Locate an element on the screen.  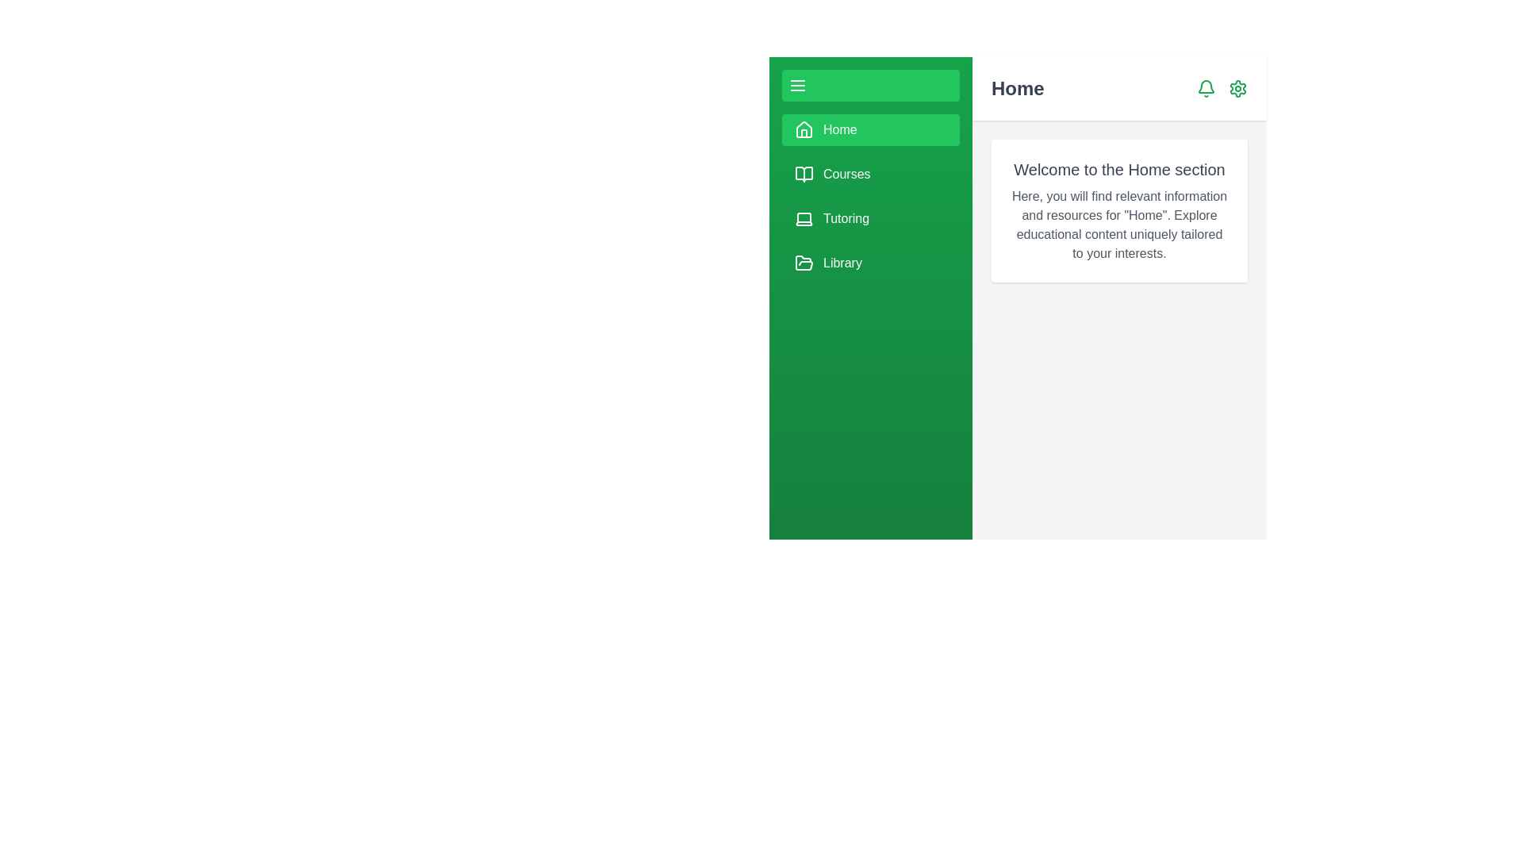
the 'Tutoring' icon in the side navigation bar, which is located to the left of the 'Tutoring' text label and is the third item in the vertical navigation menu is located at coordinates (804, 219).